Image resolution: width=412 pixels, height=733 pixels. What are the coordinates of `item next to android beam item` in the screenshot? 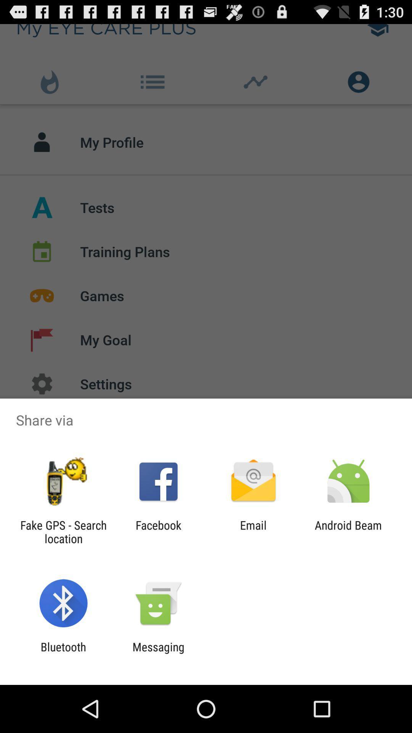 It's located at (253, 531).